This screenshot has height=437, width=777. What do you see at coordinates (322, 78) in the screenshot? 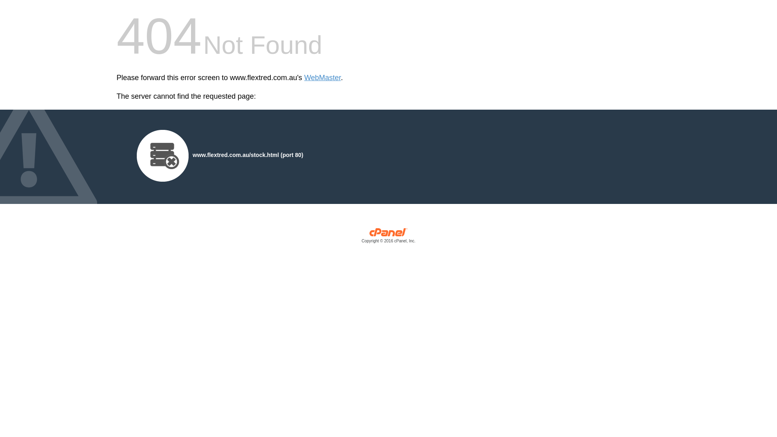
I see `'WebMaster'` at bounding box center [322, 78].